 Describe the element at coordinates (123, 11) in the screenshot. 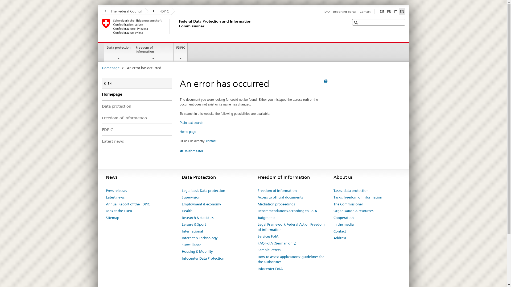

I see `'The Federal Council'` at that location.